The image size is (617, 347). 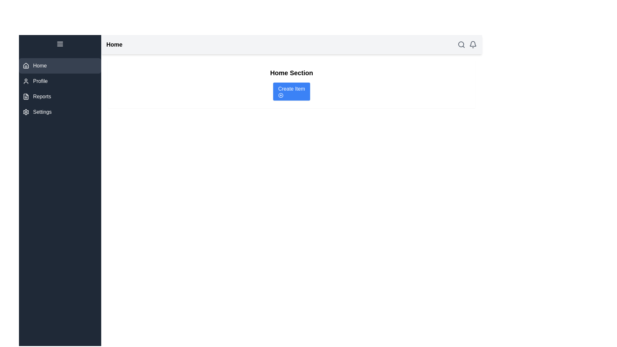 I want to click on the 'Reports' icon located in the navigation bar on the left side of the interface, positioned below the profile icon and above the settings icon, so click(x=26, y=96).